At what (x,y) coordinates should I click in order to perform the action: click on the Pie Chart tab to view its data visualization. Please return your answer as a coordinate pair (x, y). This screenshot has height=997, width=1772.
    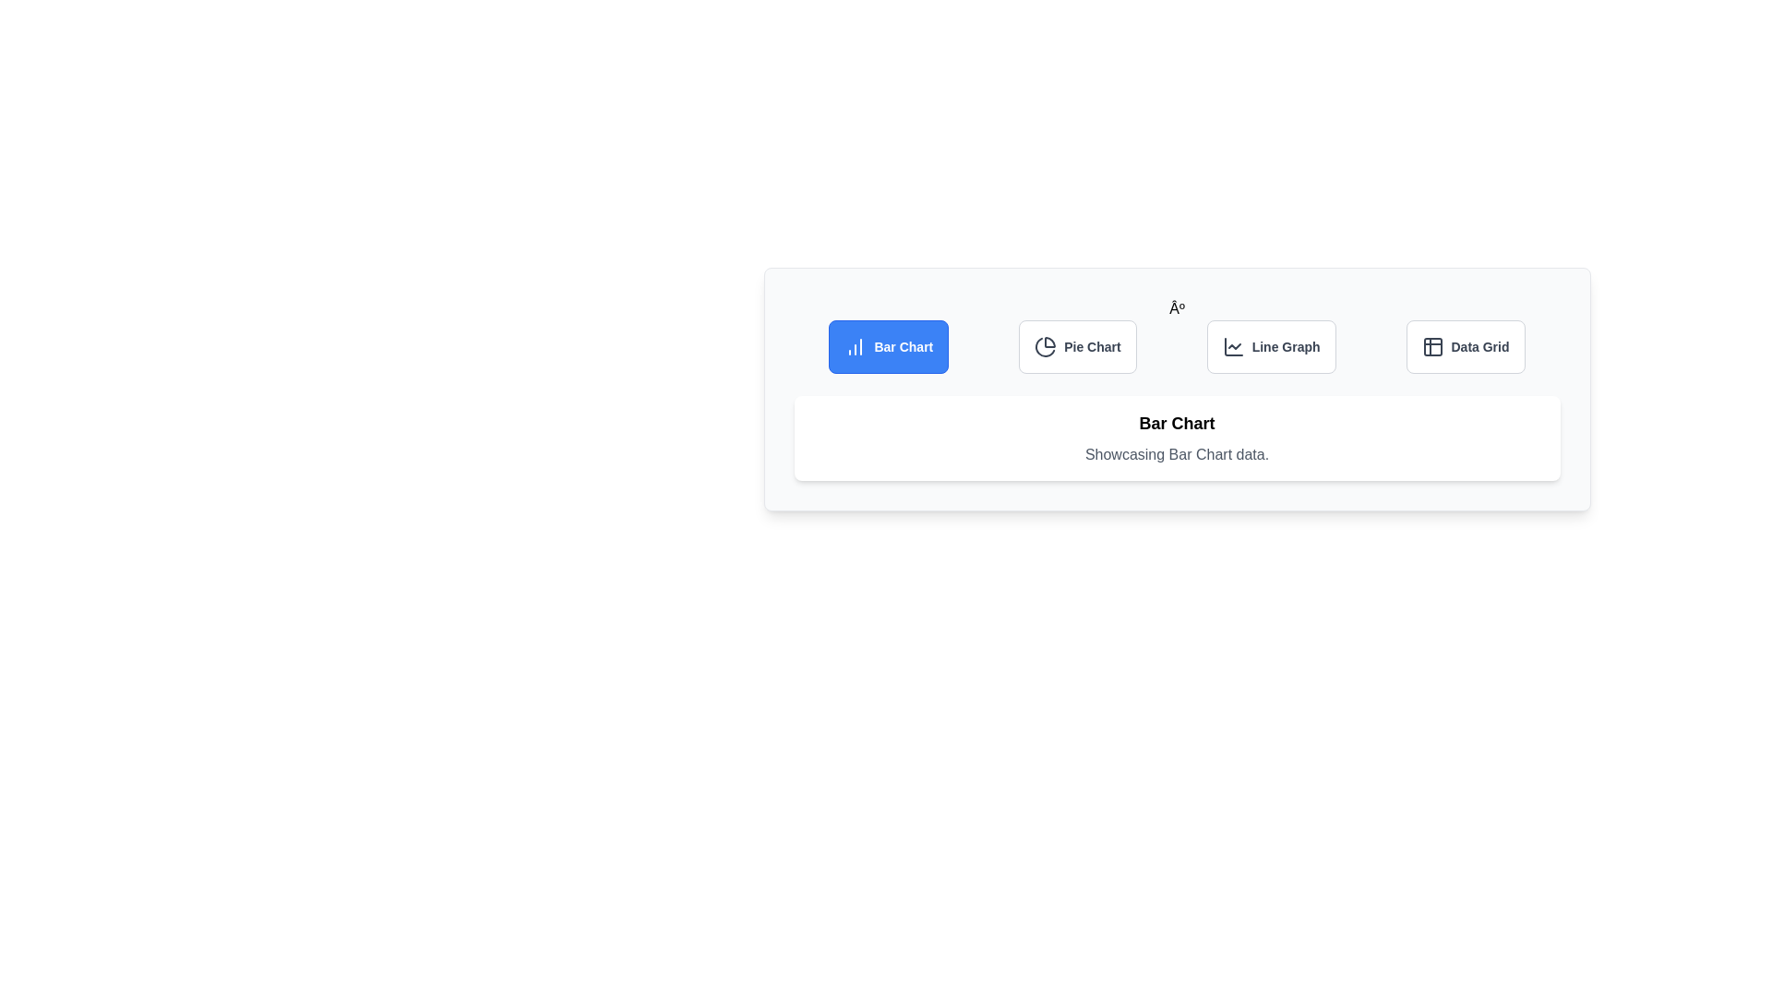
    Looking at the image, I should click on (1077, 346).